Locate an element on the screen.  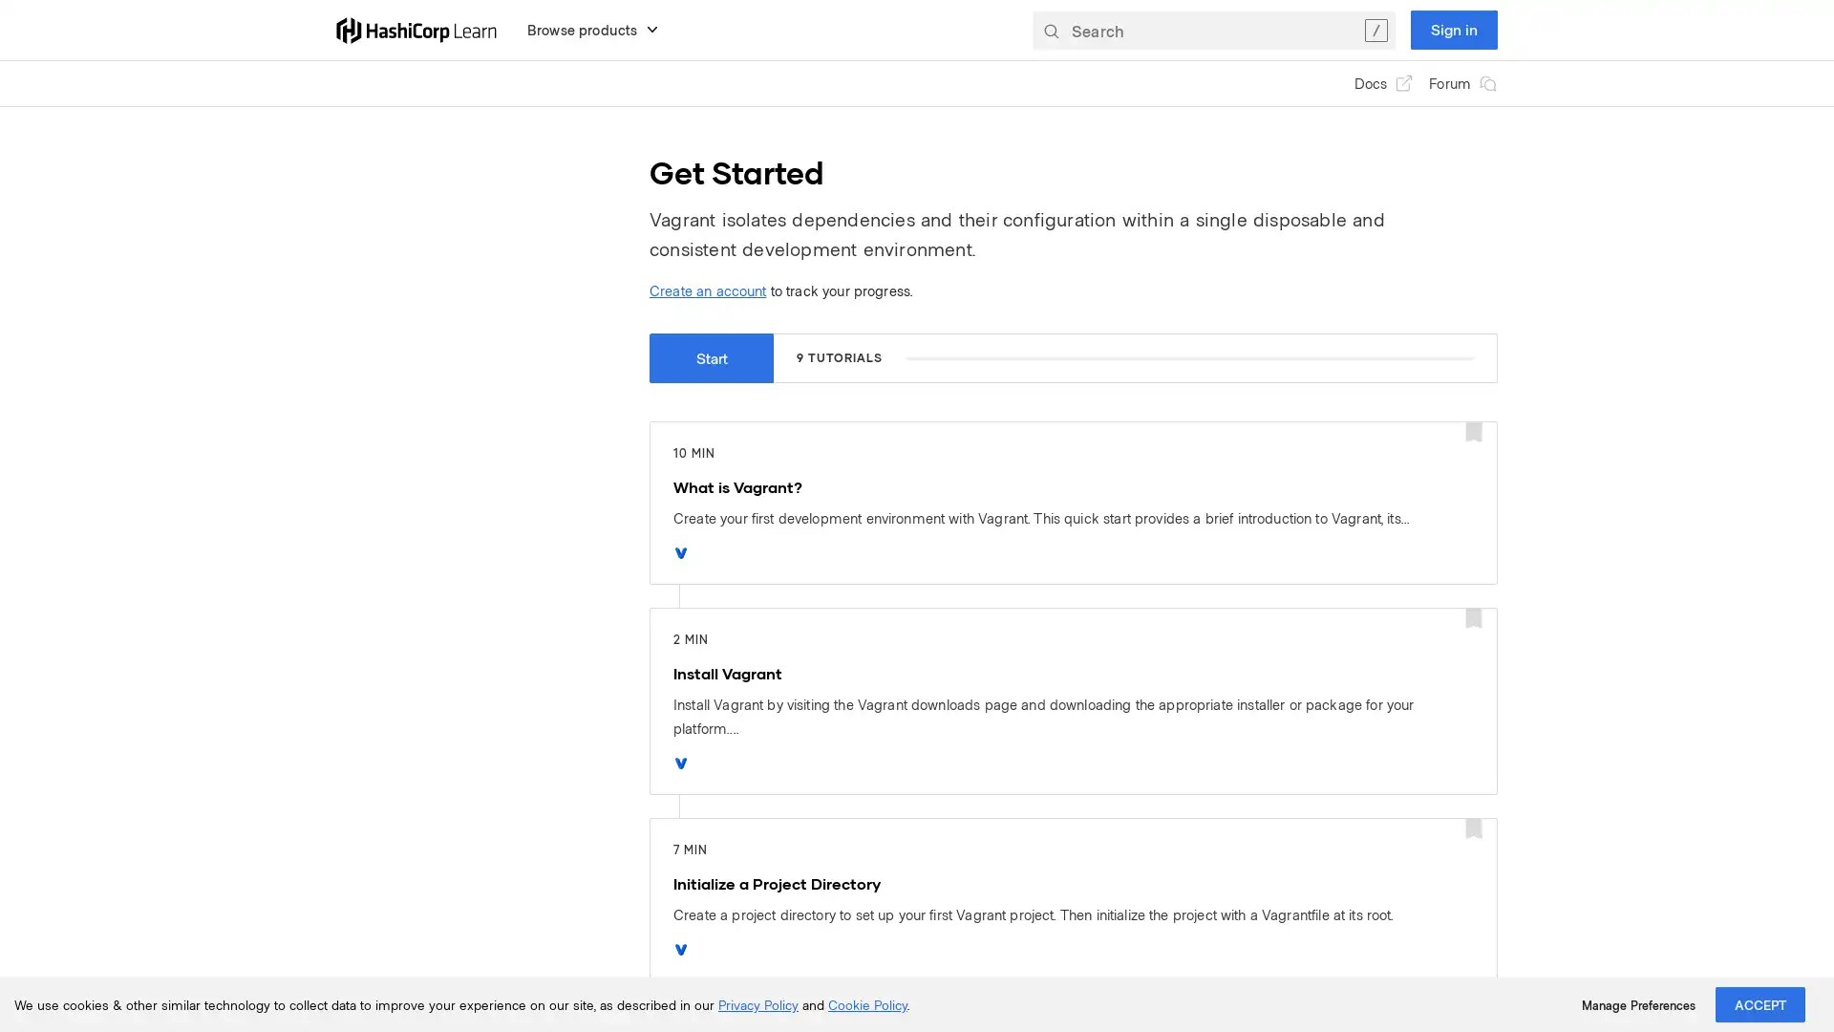
Add bookmark for: Install Vagrant is located at coordinates (1472, 619).